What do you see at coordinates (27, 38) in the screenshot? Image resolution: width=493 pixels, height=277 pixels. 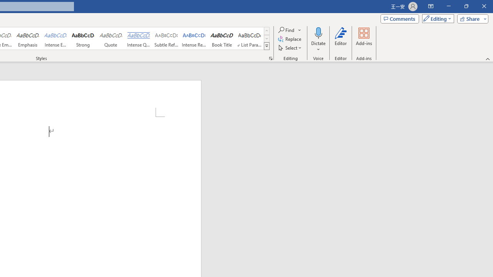 I see `'Emphasis'` at bounding box center [27, 38].